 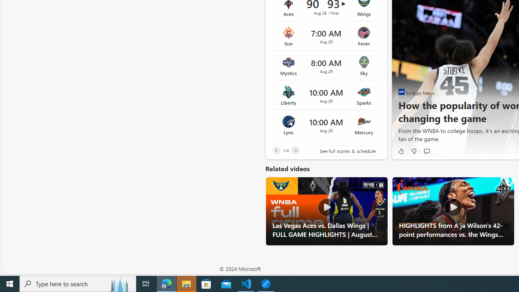 I want to click on 'Previous', so click(x=276, y=150).